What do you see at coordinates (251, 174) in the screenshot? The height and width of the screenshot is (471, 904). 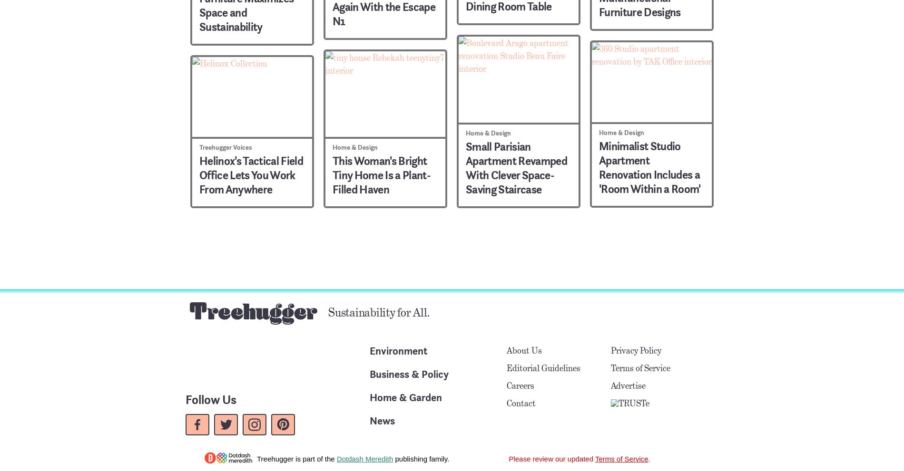 I see `'Helinox's Tactical Field Office Lets You Work From Anywhere'` at bounding box center [251, 174].